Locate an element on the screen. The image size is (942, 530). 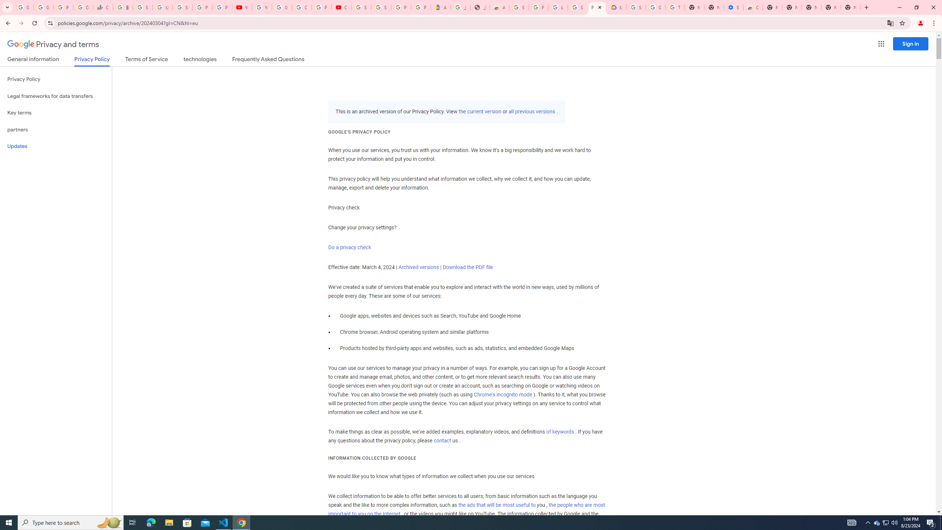
'contact' is located at coordinates (442, 441).